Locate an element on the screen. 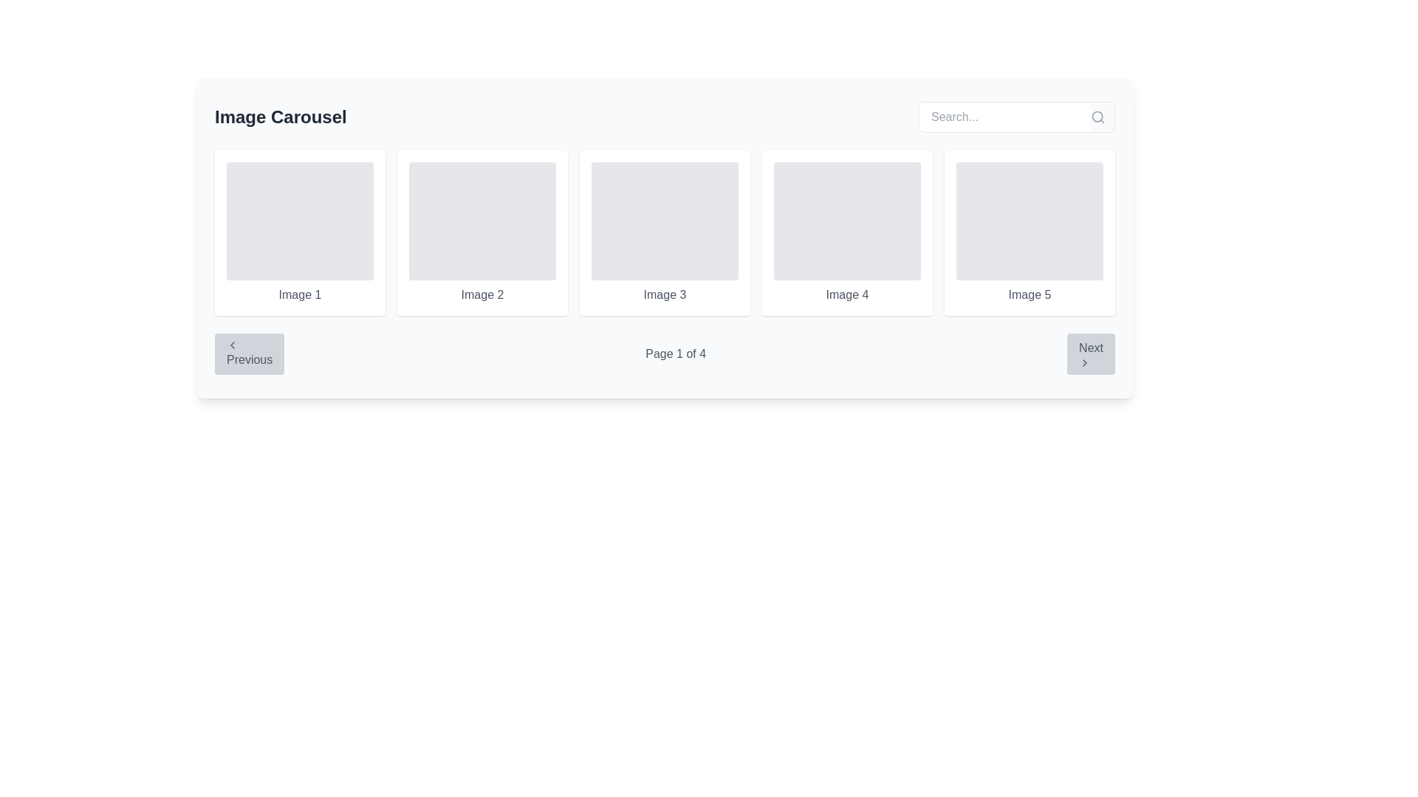 The image size is (1418, 797). the second placeholder box for media content in the carousel layout is located at coordinates (482, 221).